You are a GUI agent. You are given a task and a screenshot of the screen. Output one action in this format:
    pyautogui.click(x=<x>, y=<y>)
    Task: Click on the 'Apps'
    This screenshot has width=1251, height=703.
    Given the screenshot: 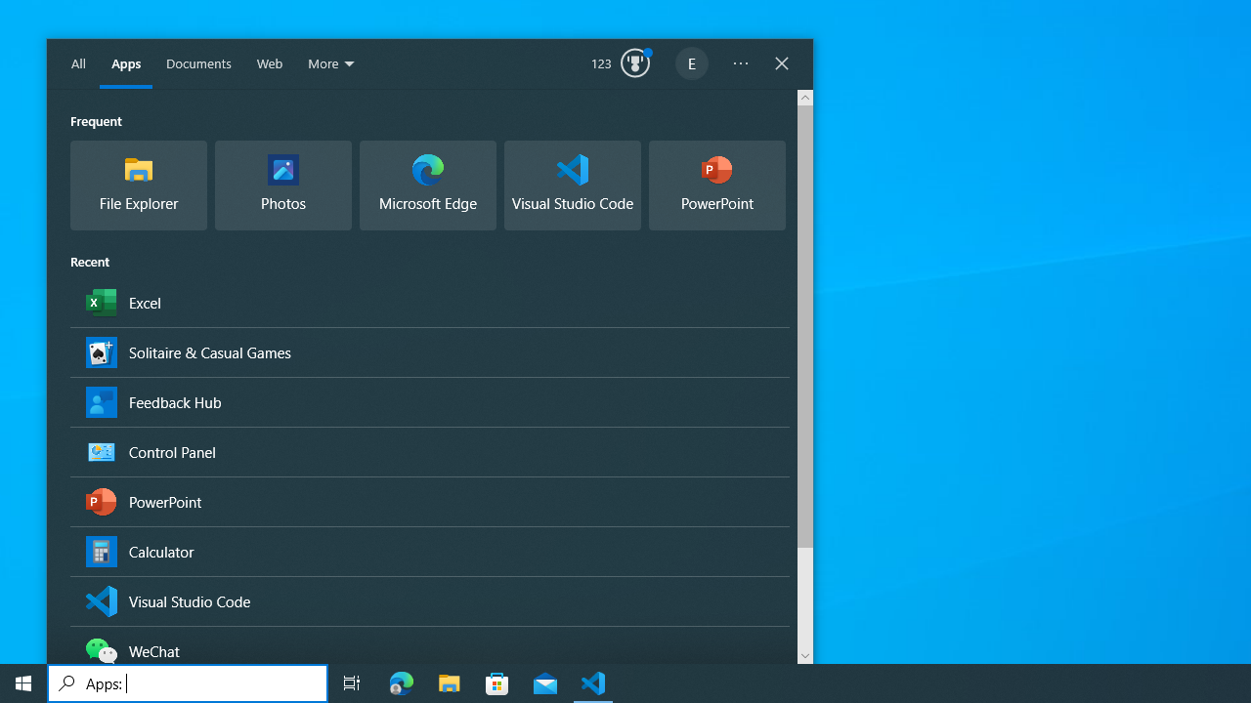 What is the action you would take?
    pyautogui.click(x=125, y=63)
    